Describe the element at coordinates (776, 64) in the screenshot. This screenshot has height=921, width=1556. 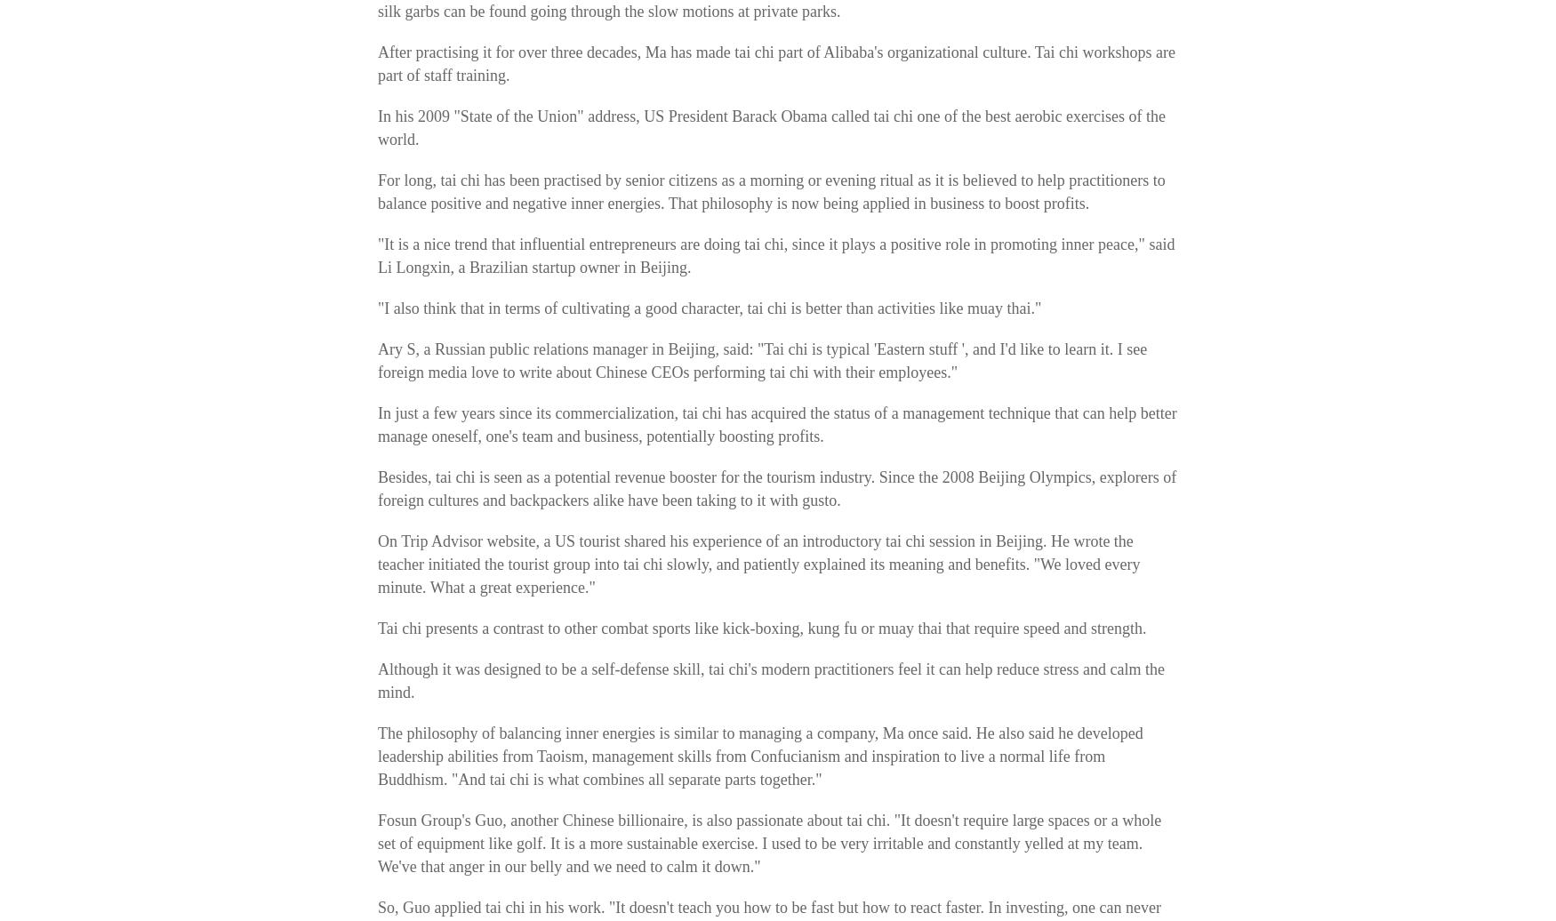
I see `'After practising it for over three decades, Ma has made tai chi part of Alibaba's organizational culture. Tai chi workshops are part of staff training.'` at that location.